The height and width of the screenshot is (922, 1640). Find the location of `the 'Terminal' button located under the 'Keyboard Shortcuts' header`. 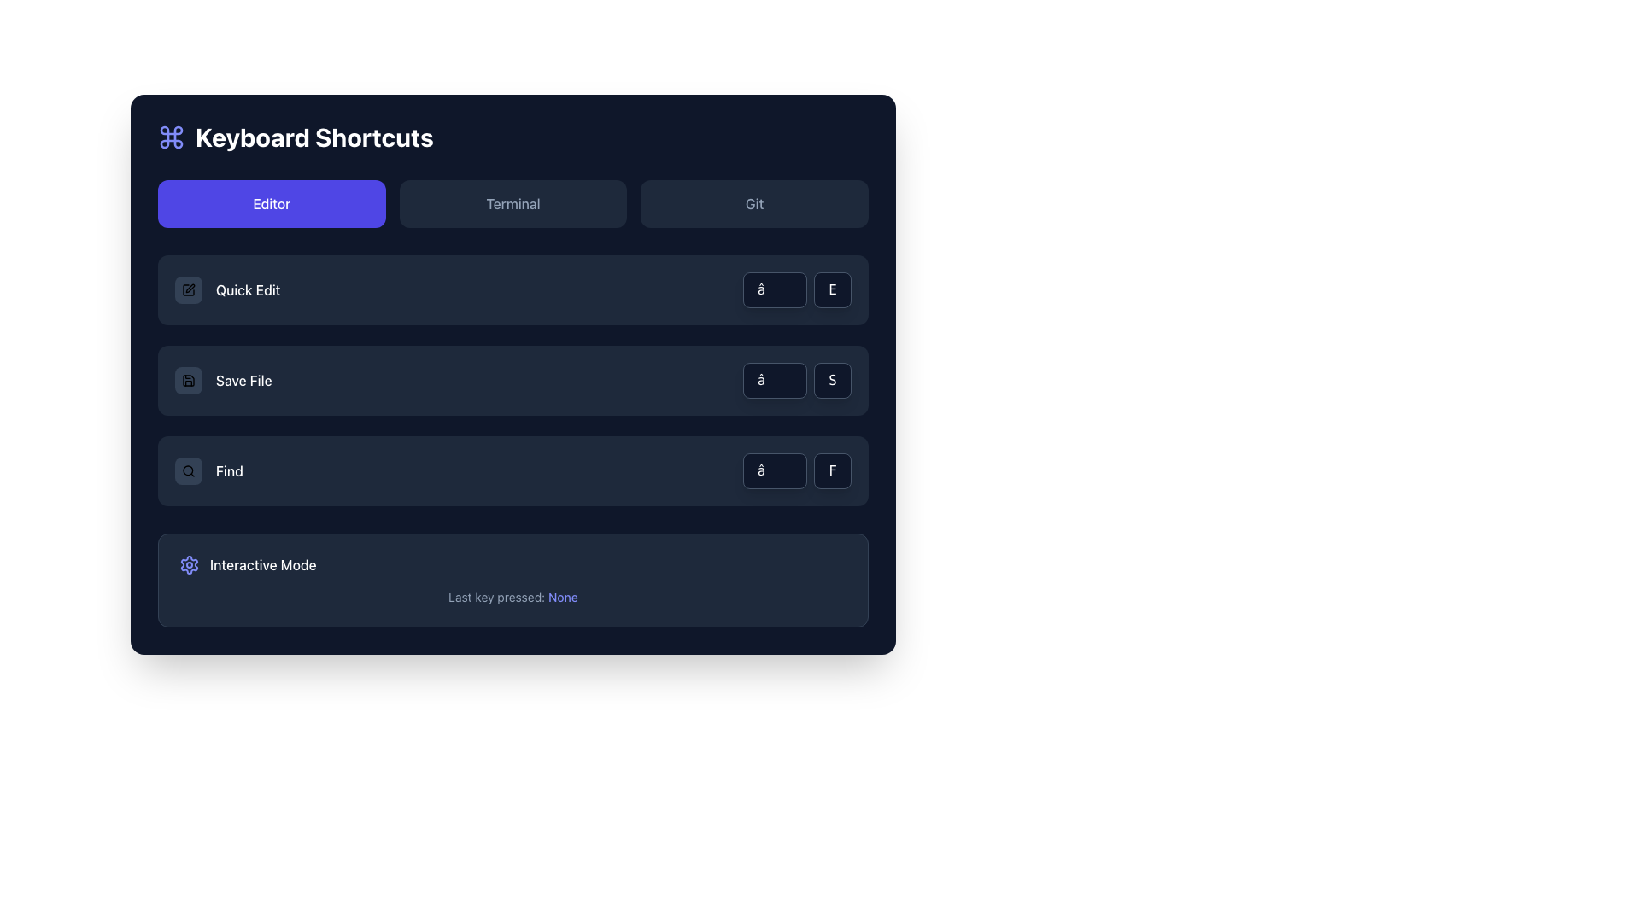

the 'Terminal' button located under the 'Keyboard Shortcuts' header is located at coordinates (512, 203).